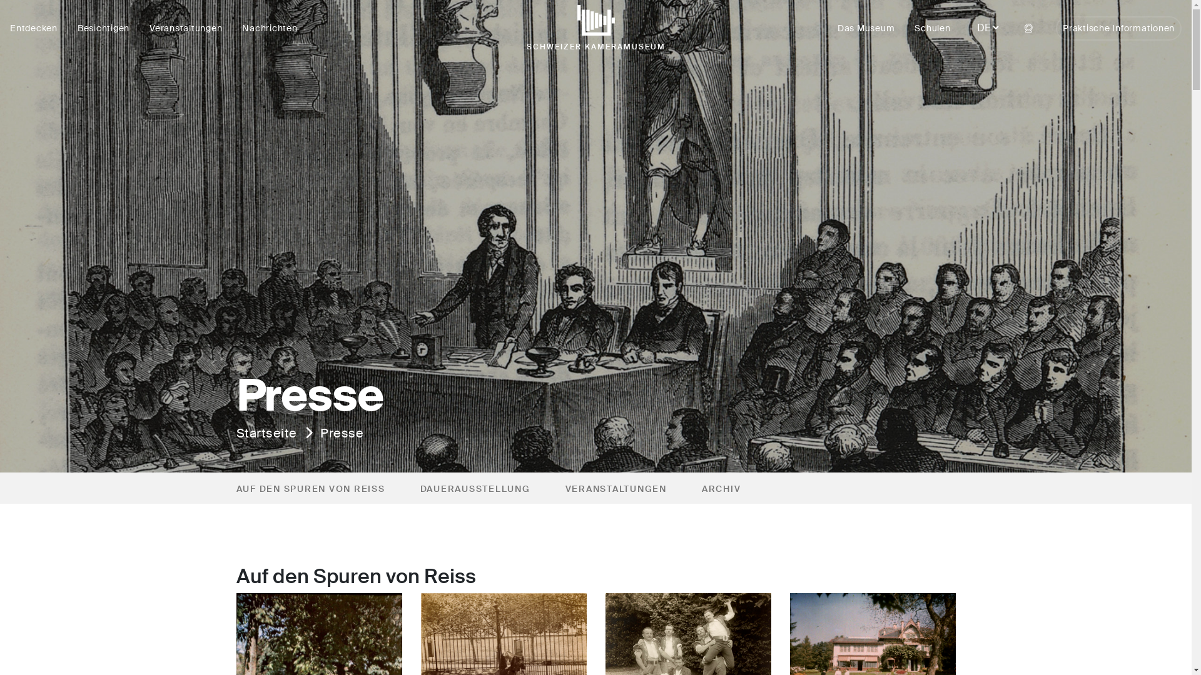  I want to click on 'Webcam', so click(1028, 28).